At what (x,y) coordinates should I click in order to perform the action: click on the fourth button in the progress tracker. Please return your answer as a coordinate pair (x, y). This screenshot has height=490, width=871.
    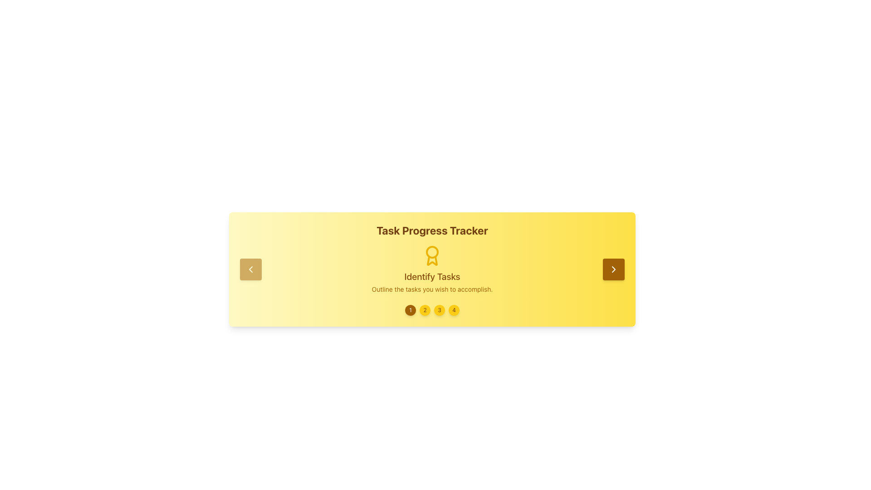
    Looking at the image, I should click on (454, 309).